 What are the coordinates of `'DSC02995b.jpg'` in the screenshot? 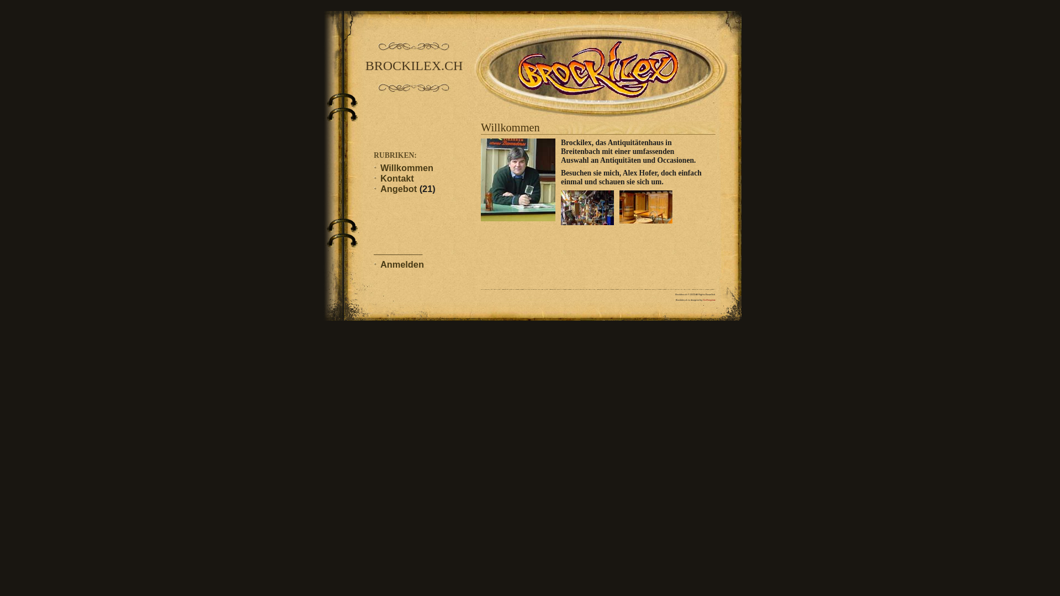 It's located at (517, 179).